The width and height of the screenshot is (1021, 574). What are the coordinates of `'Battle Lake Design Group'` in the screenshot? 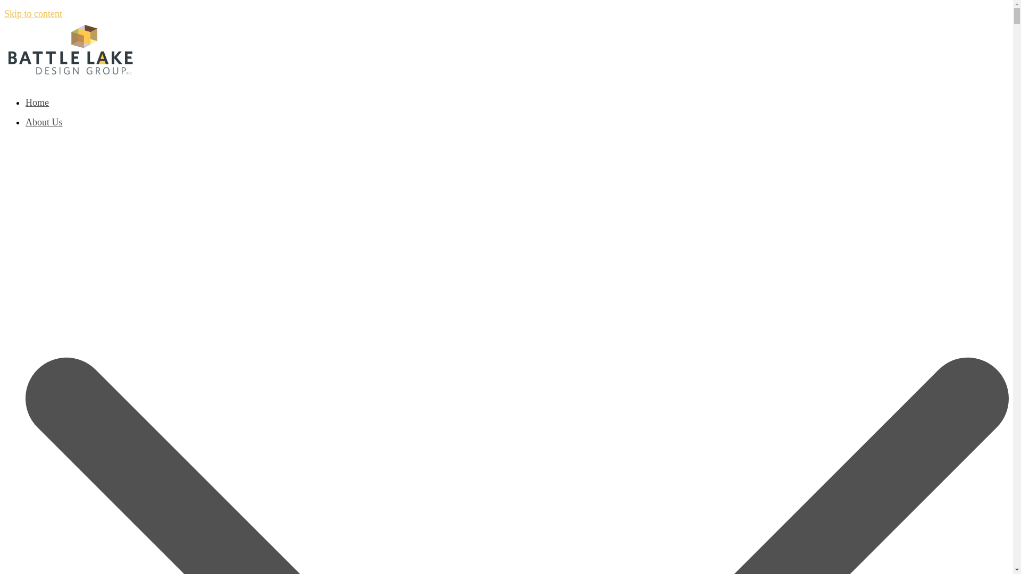 It's located at (70, 73).